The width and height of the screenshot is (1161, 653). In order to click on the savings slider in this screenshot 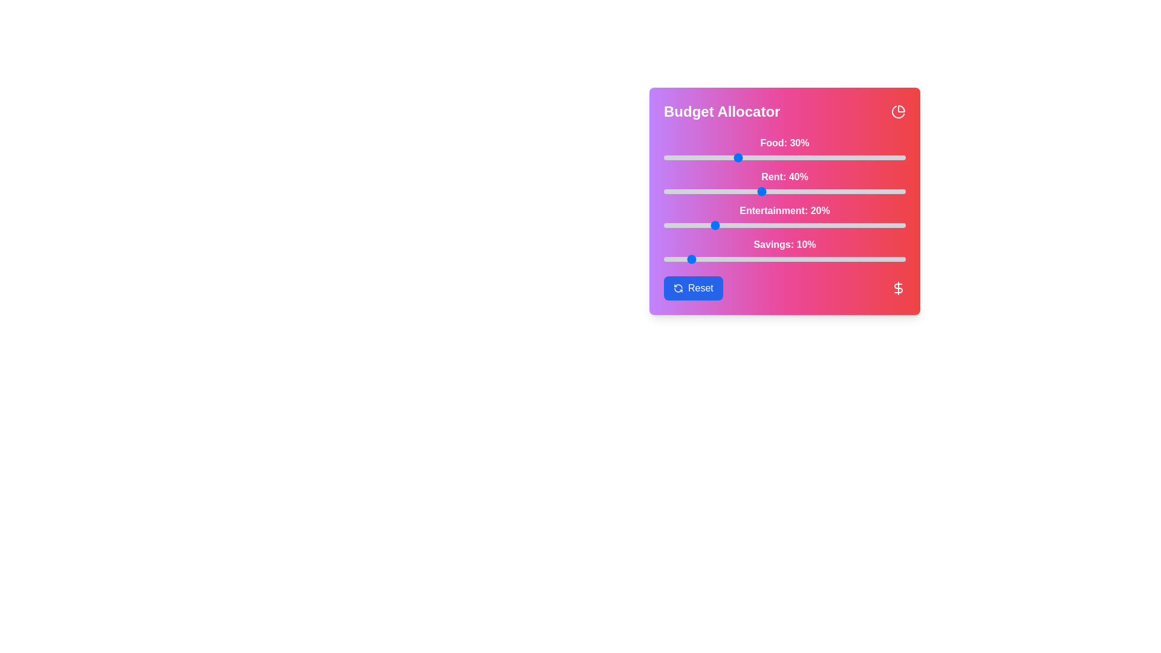, I will do `click(825, 258)`.